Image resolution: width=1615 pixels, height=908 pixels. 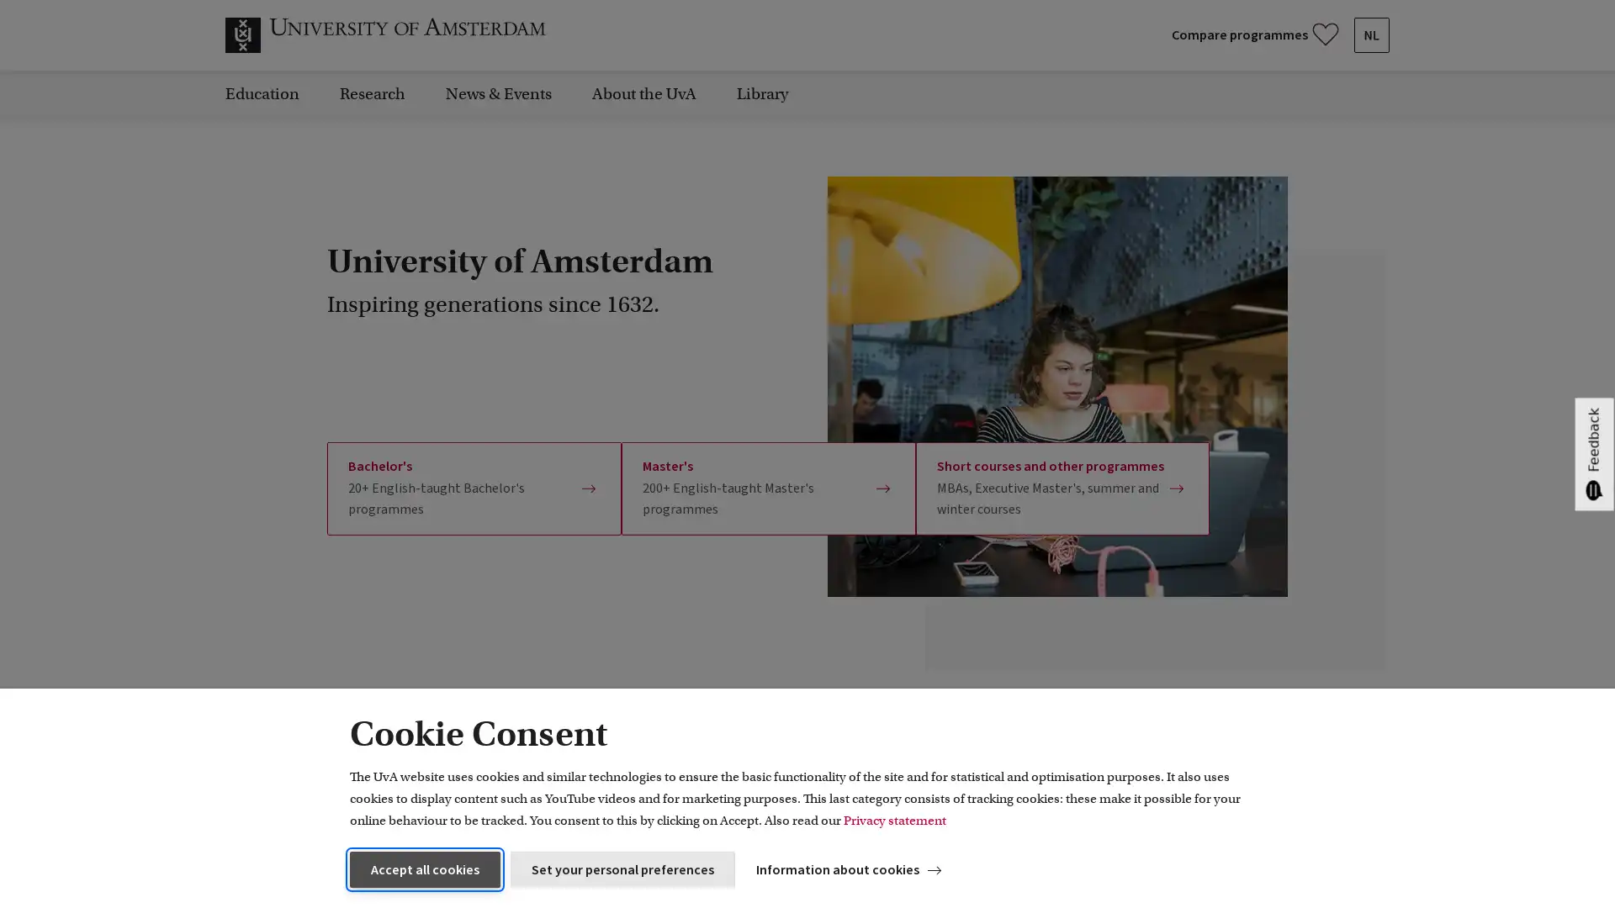 What do you see at coordinates (622, 869) in the screenshot?
I see `Set your personal preferences` at bounding box center [622, 869].